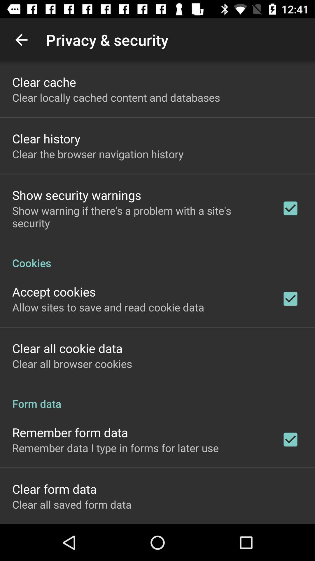 The image size is (315, 561). What do you see at coordinates (108, 307) in the screenshot?
I see `app above the clear all cookie icon` at bounding box center [108, 307].